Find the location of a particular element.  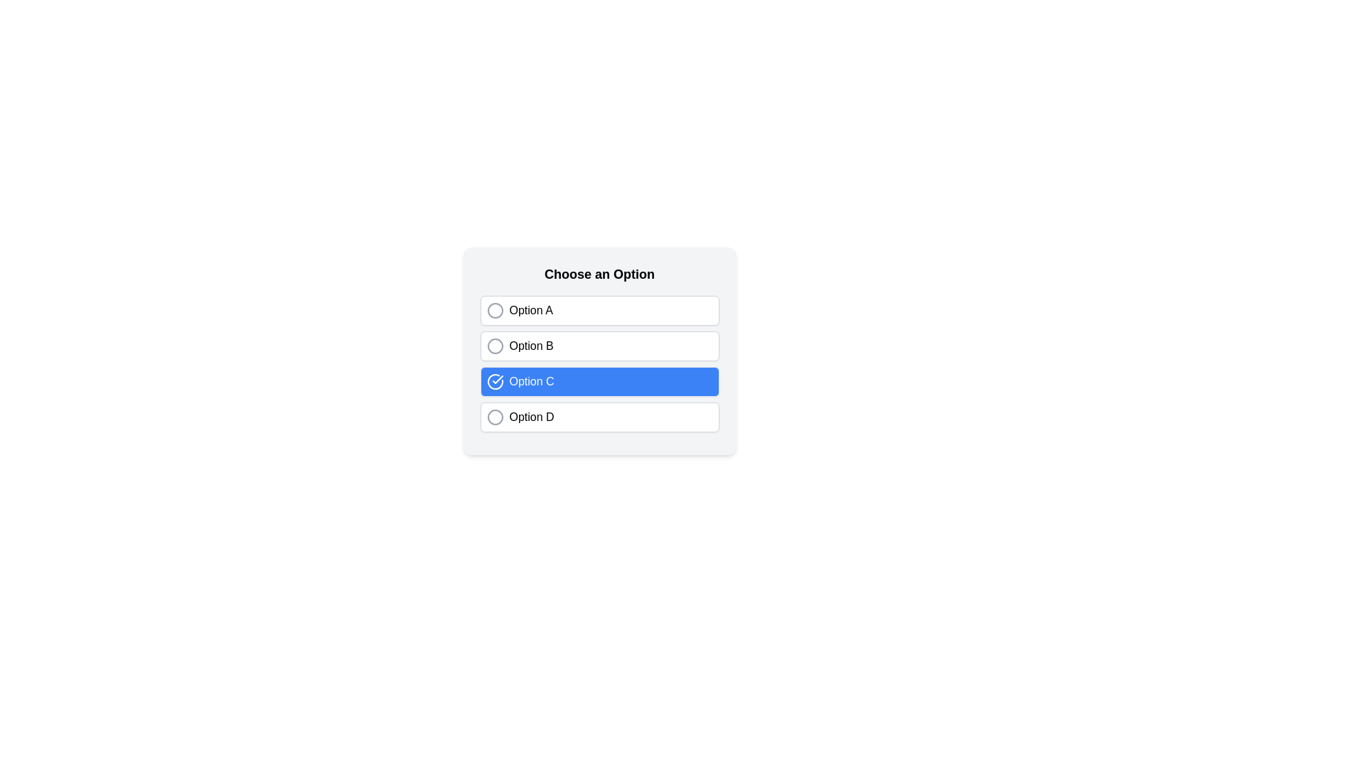

the button-like selectable option labeled 'Option D' is located at coordinates (599, 416).